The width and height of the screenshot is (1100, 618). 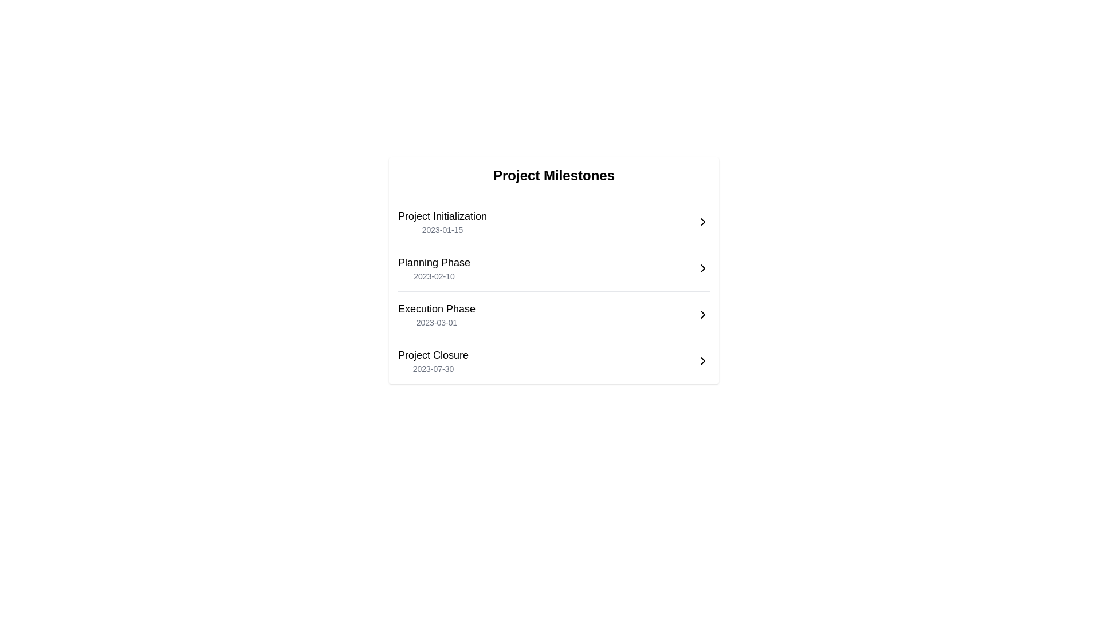 I want to click on the right-pointing triangular arrowhead icon associated with the 'Planning Phase' list item in the 'Project Milestones' section to indicate navigation, so click(x=702, y=268).